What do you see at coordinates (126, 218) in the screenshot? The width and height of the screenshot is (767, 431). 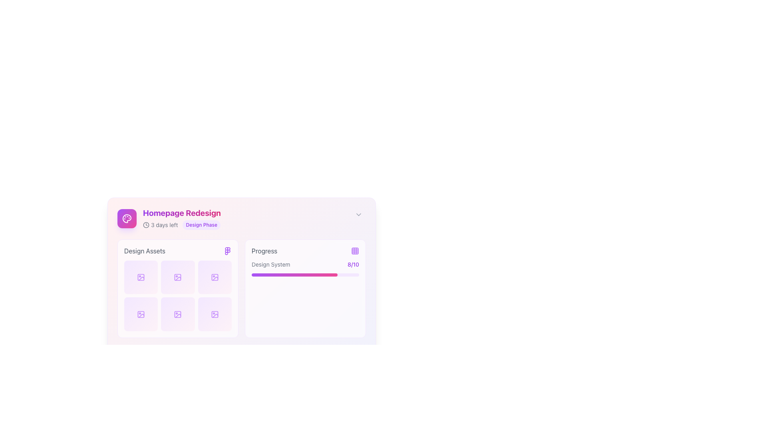 I see `the icon representing the 'Homepage Redesign' section located in the top left corner of the sidebar` at bounding box center [126, 218].